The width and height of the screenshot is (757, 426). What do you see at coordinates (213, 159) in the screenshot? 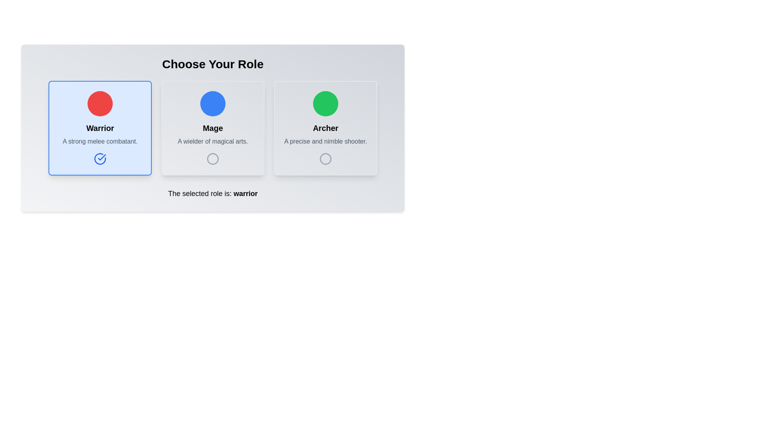
I see `the circular graphic icon located at the center of the 'Mage' card by` at bounding box center [213, 159].